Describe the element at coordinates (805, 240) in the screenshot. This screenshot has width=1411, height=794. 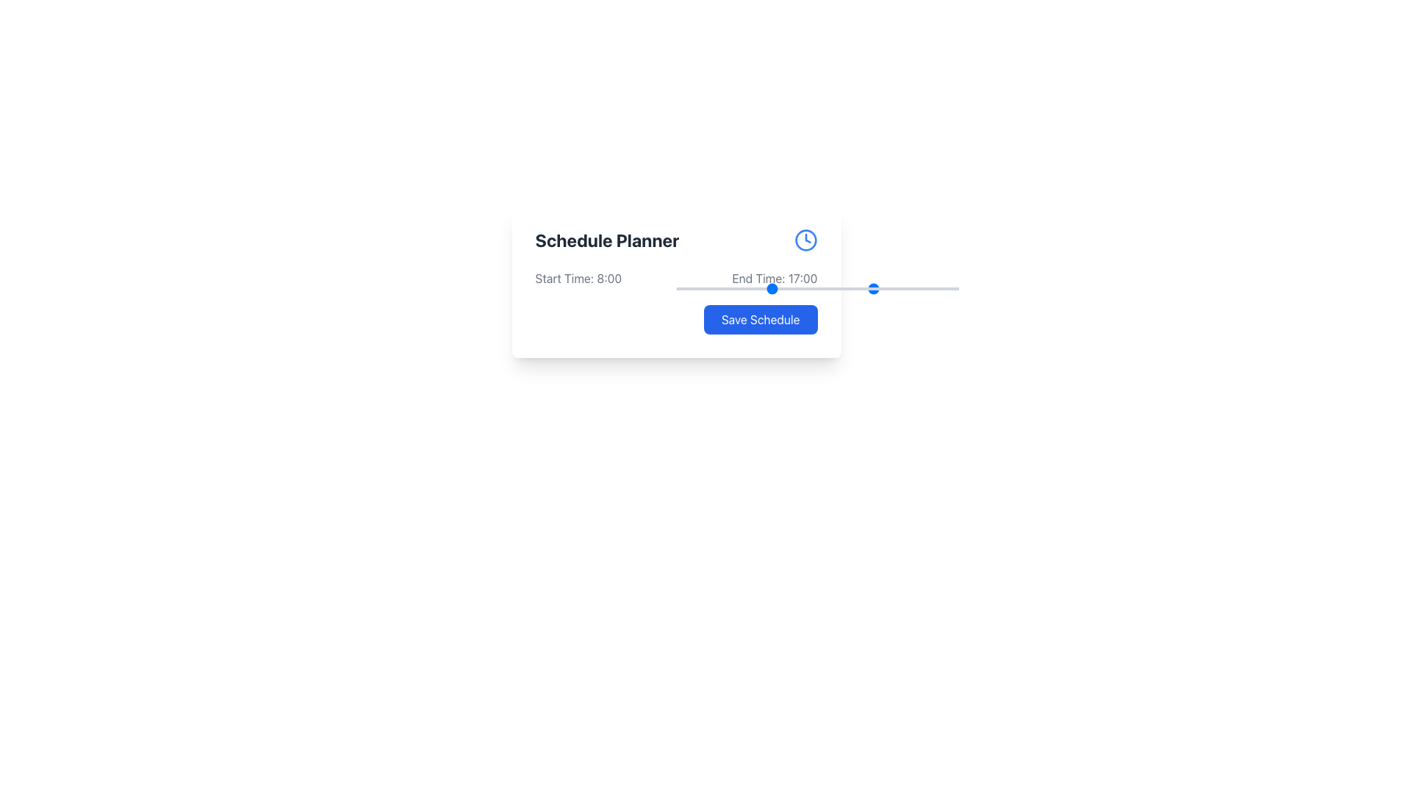
I see `the clock icon located in the 'Schedule Planner' section, positioned immediately to the right of the 'Schedule Planner' text element` at that location.